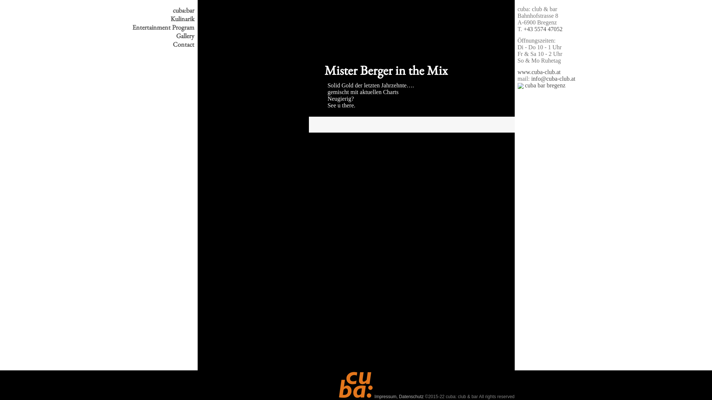  Describe the element at coordinates (553, 79) in the screenshot. I see `'info@cuba-club.at'` at that location.